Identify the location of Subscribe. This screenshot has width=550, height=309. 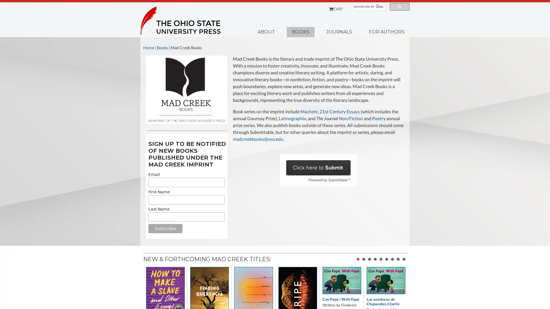
(165, 228).